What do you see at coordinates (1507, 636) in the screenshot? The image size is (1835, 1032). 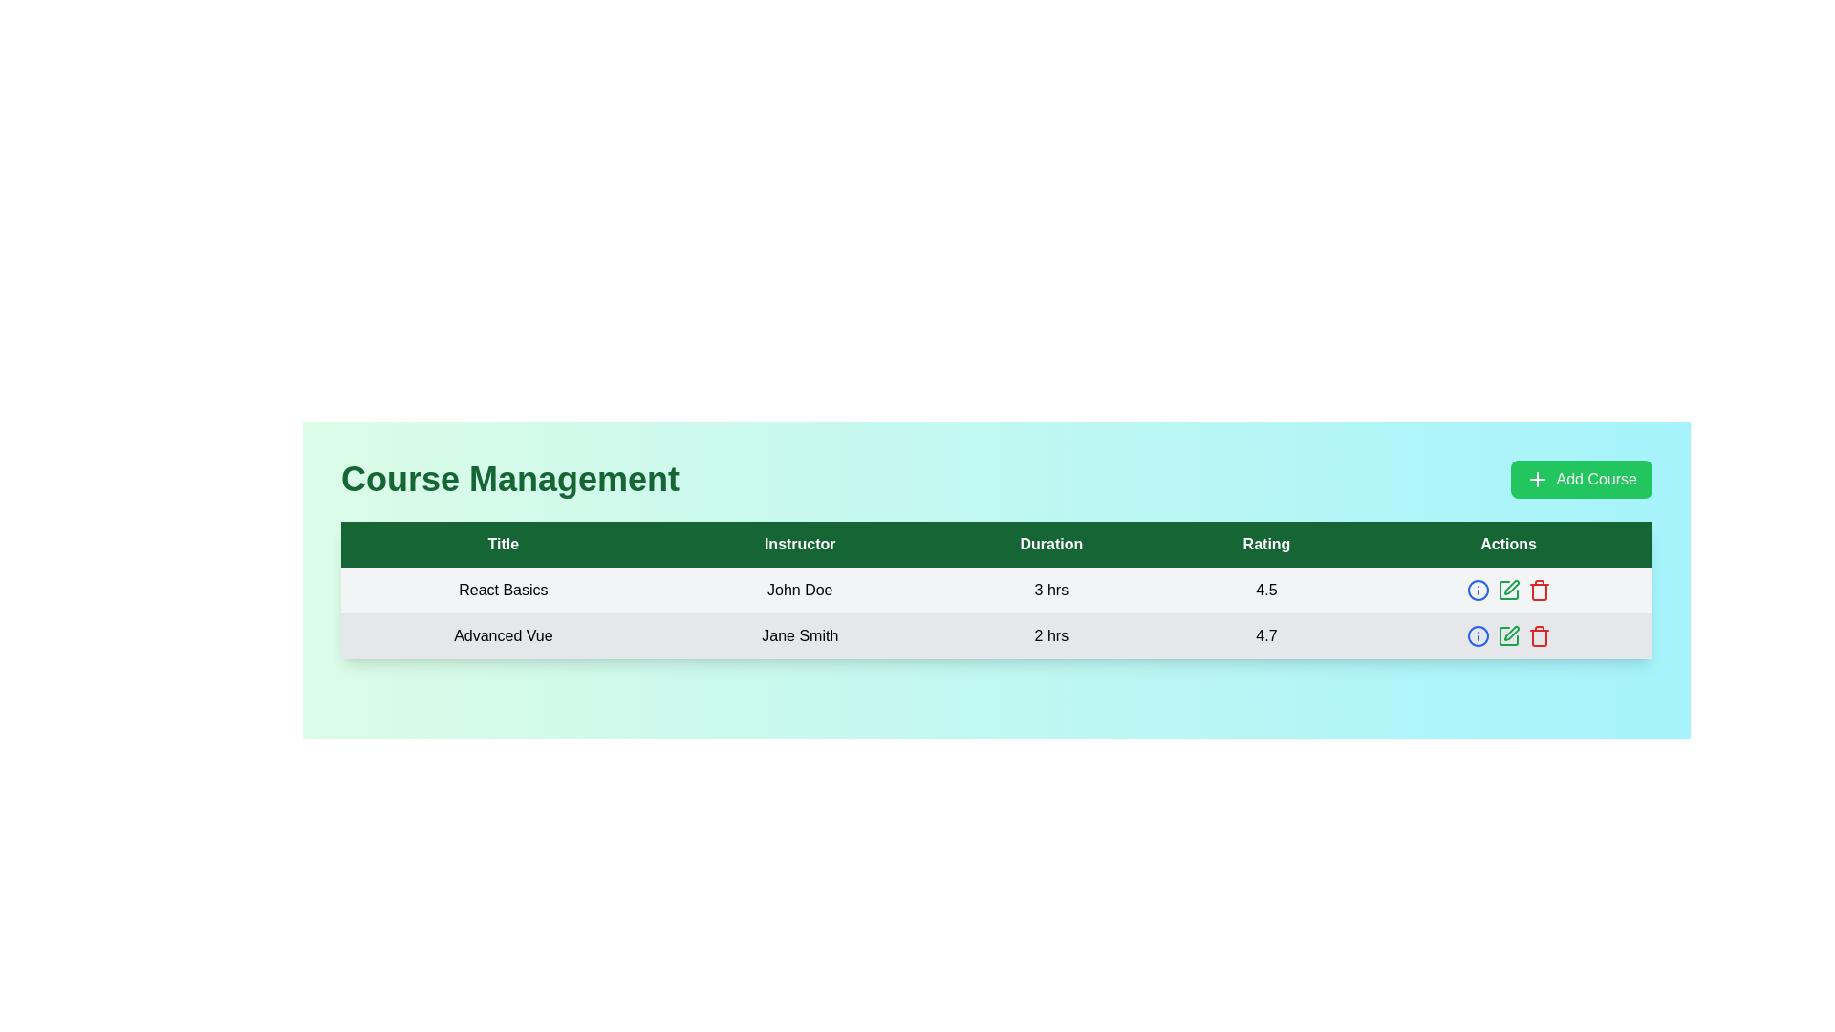 I see `the edit button located in the 'Actions' column of the second row in the table, positioned between a blue information icon and a red delete icon` at bounding box center [1507, 636].